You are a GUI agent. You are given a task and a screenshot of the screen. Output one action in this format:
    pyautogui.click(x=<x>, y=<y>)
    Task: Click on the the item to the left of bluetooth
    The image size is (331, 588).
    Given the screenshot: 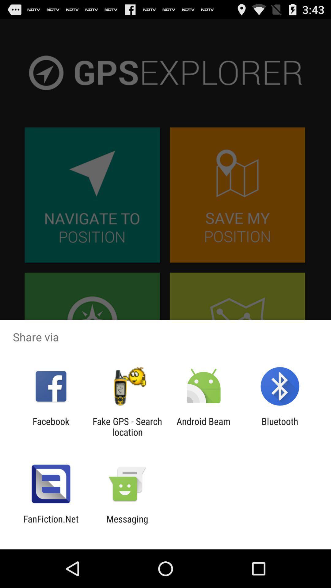 What is the action you would take?
    pyautogui.click(x=204, y=426)
    